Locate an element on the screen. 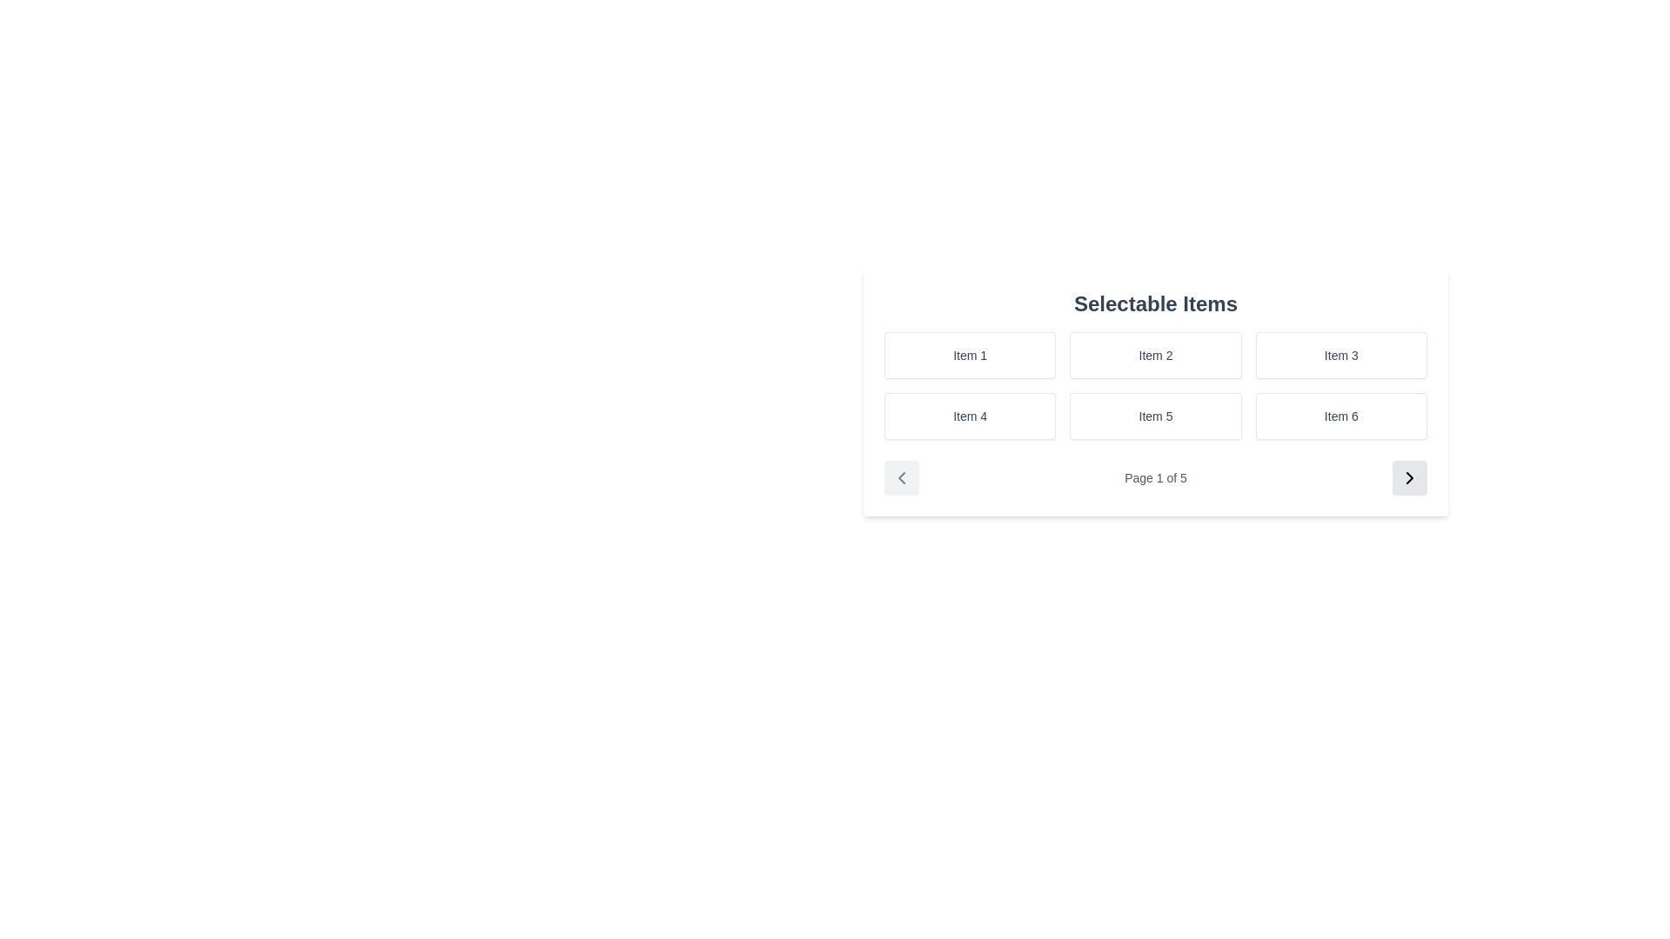 The height and width of the screenshot is (939, 1670). the disabled 'Previous Page' button located at the bottom left of the pagination controls, labeled 'Page 1 of 5' is located at coordinates (901, 478).